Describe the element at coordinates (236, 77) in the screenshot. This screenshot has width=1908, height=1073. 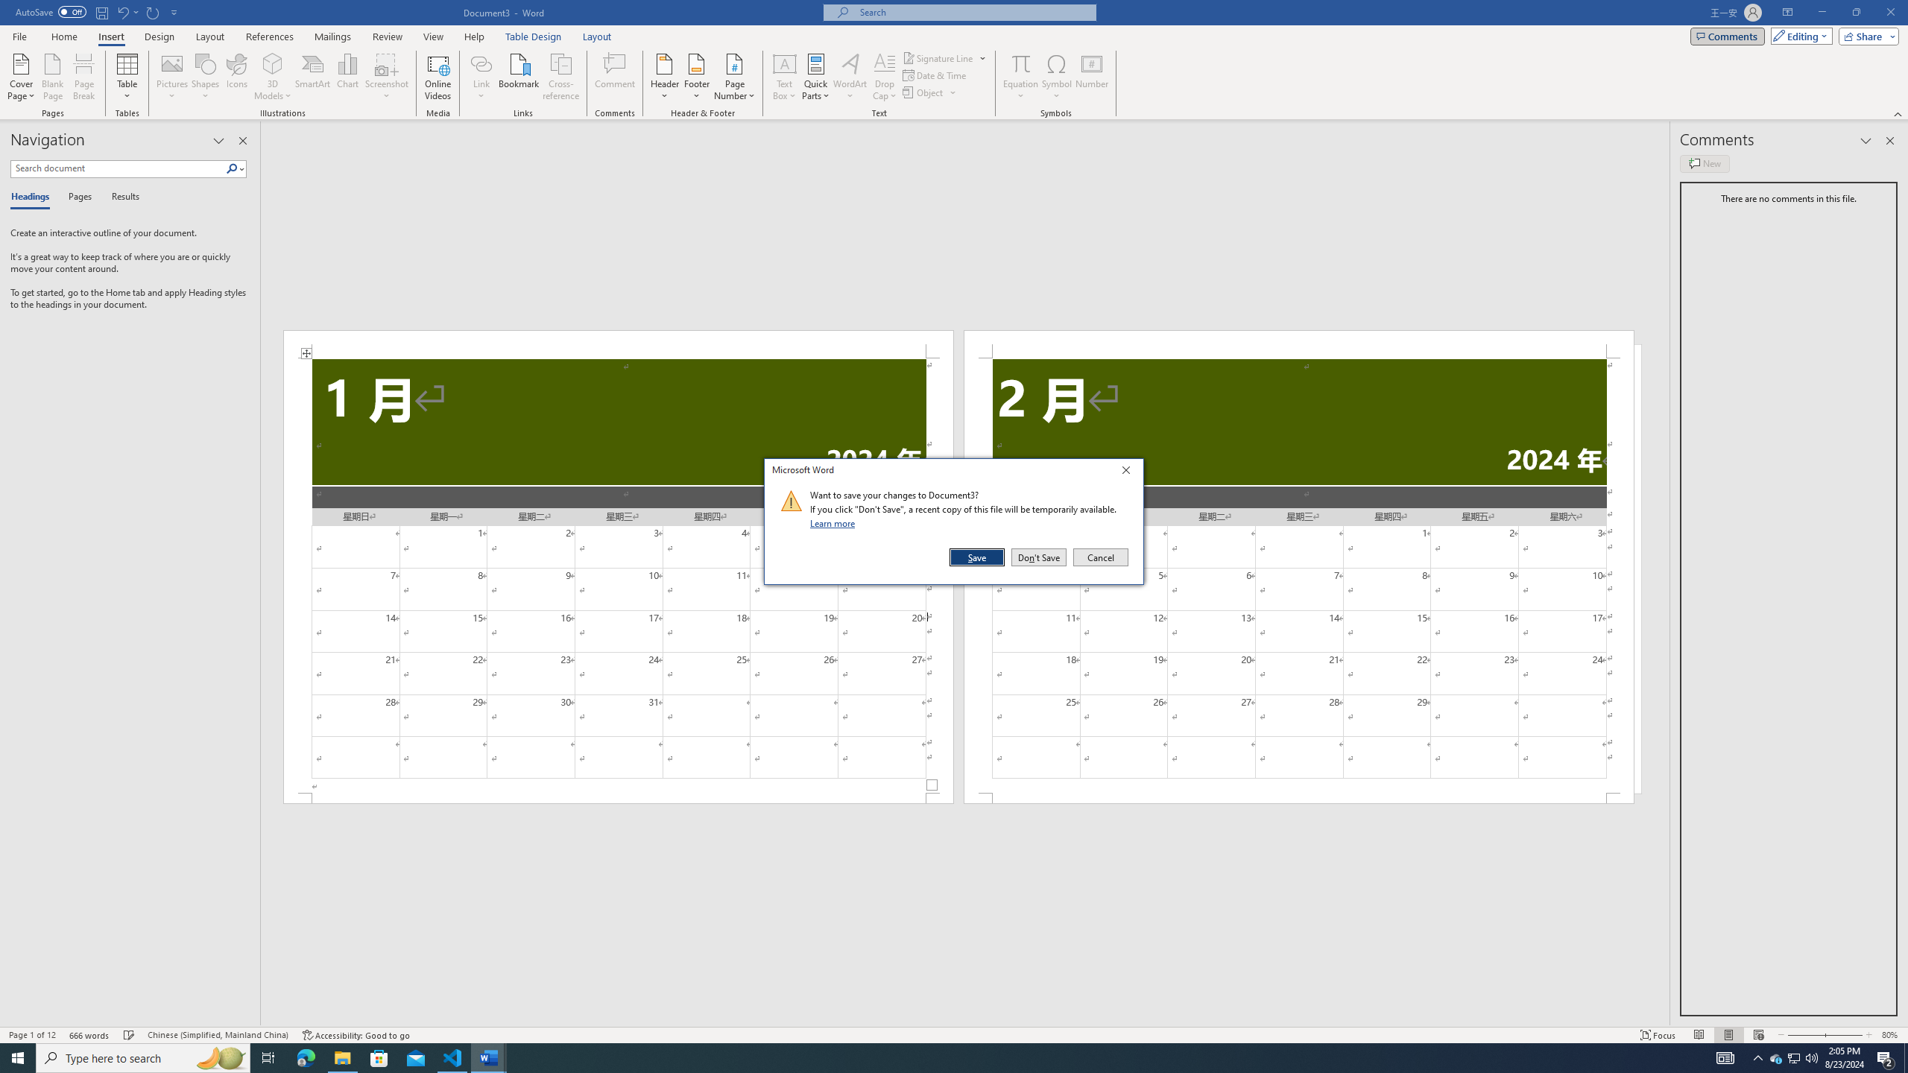
I see `'Icons'` at that location.